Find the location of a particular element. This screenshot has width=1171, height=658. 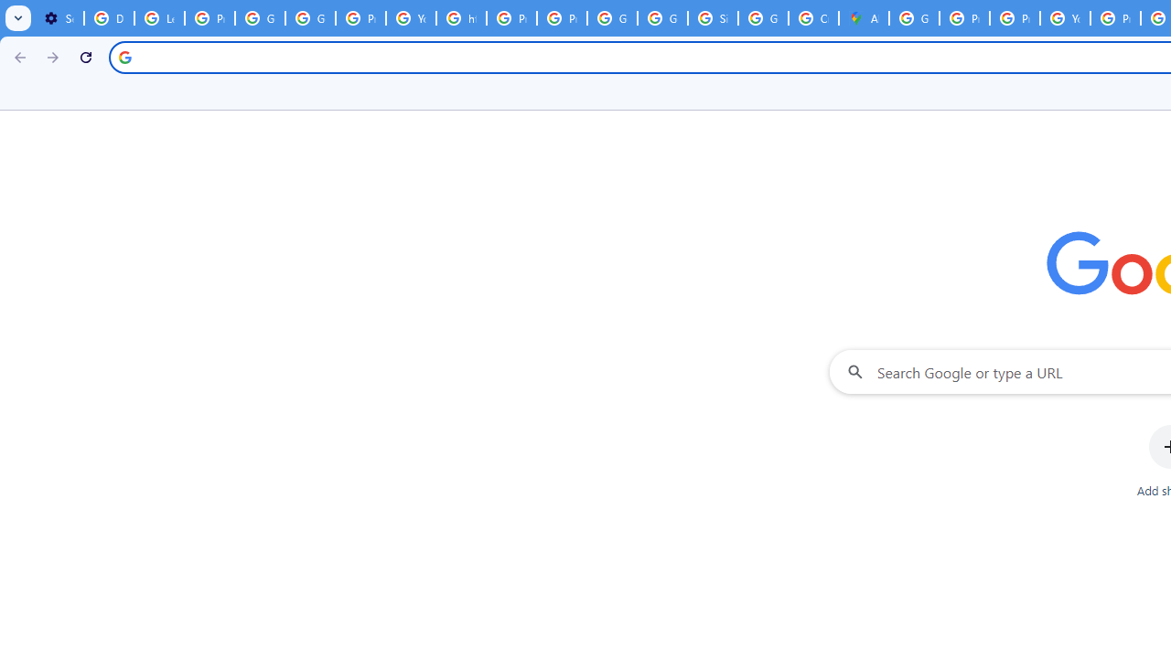

'YouTube' is located at coordinates (410, 18).